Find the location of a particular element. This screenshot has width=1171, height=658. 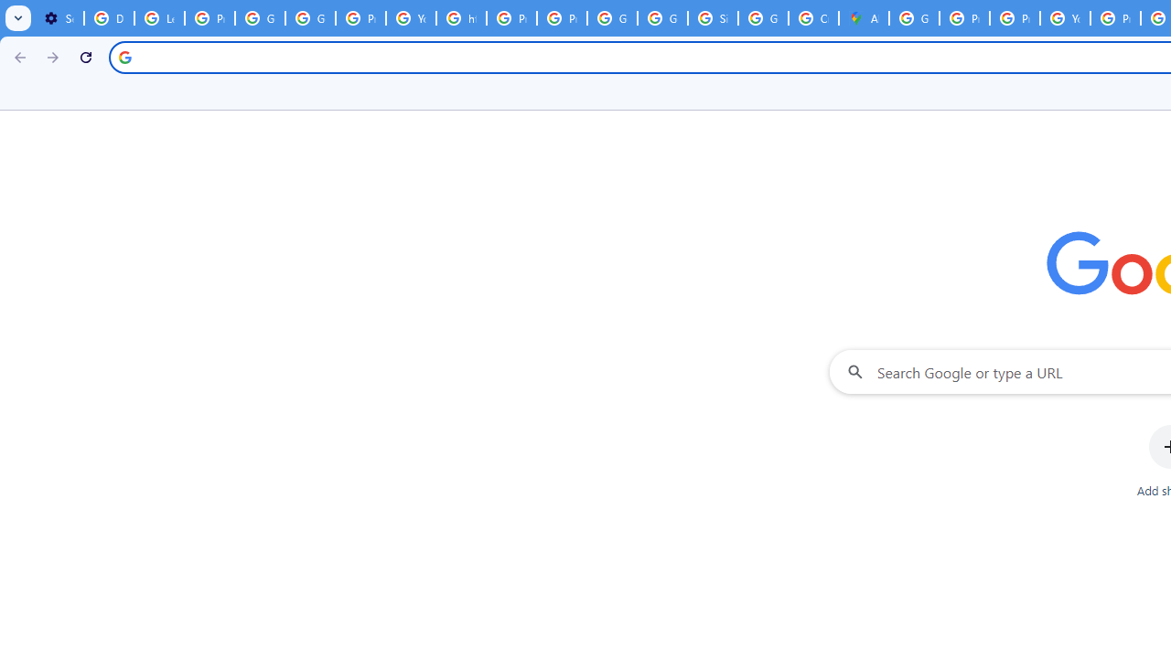

'YouTube' is located at coordinates (410, 18).